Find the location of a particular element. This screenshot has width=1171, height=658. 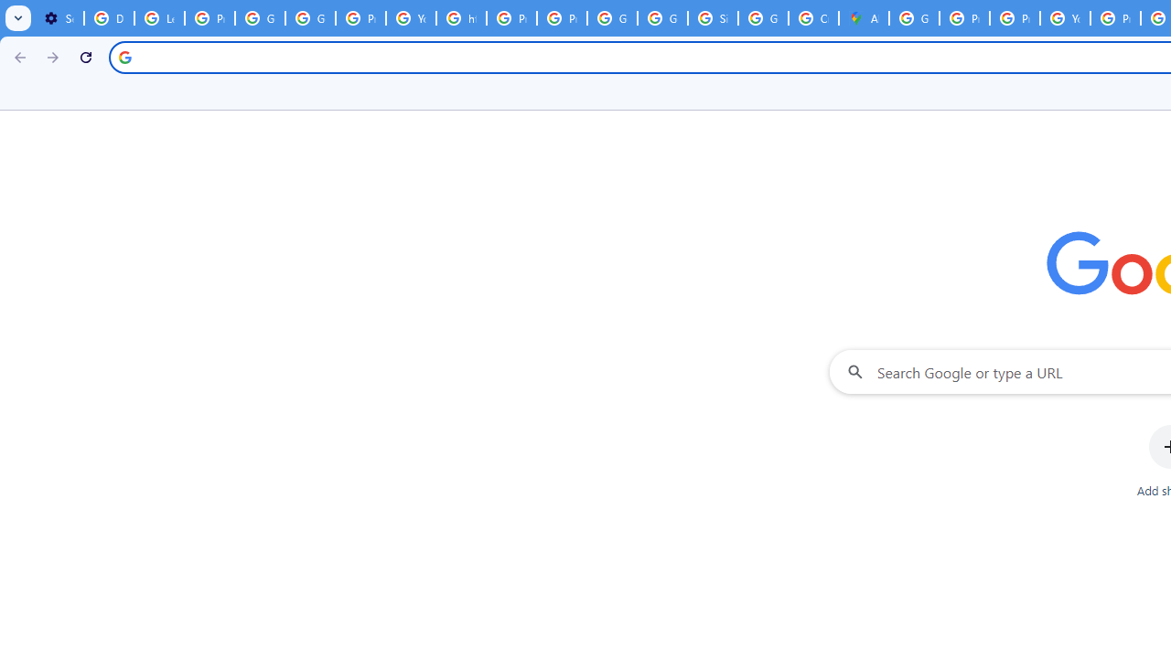

'YouTube' is located at coordinates (410, 18).